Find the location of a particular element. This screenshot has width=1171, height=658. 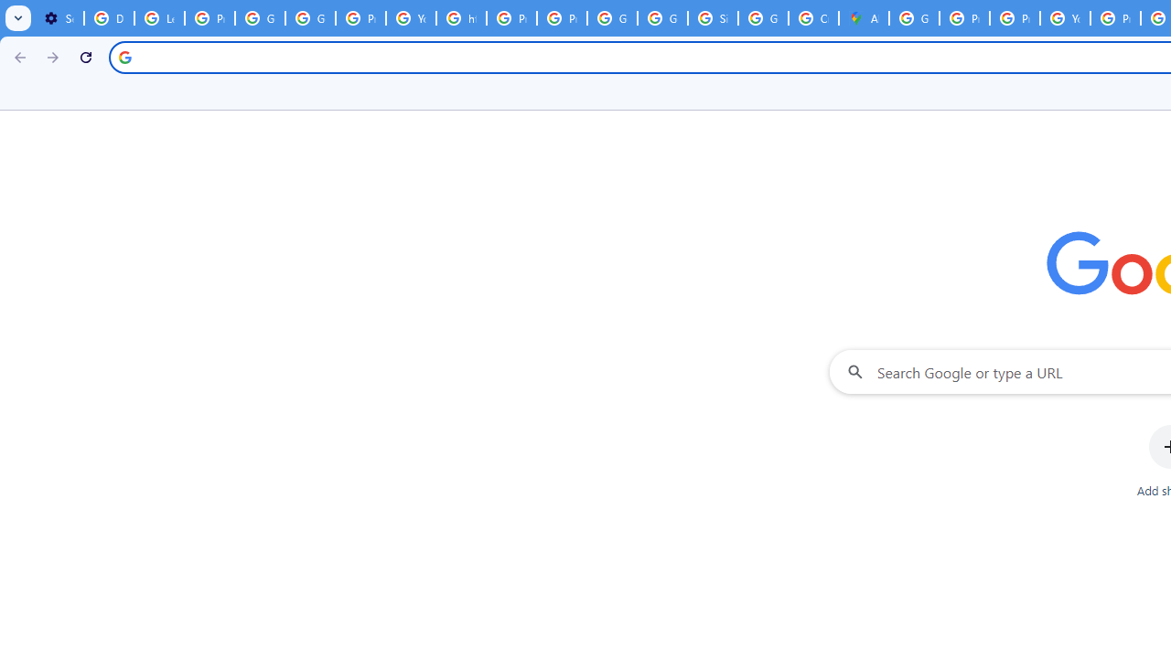

'YouTube' is located at coordinates (410, 18).